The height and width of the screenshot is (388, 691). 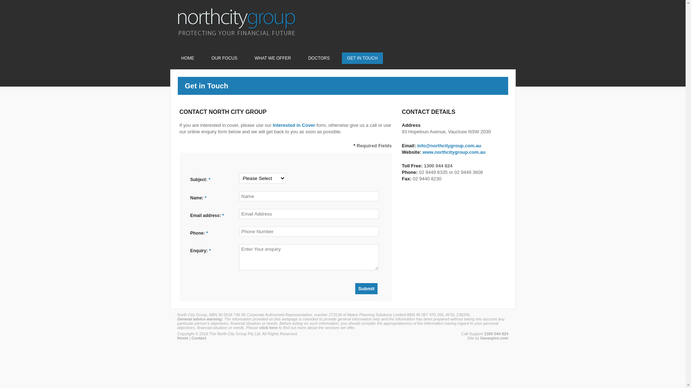 I want to click on 'Interested in Cover', so click(x=294, y=125).